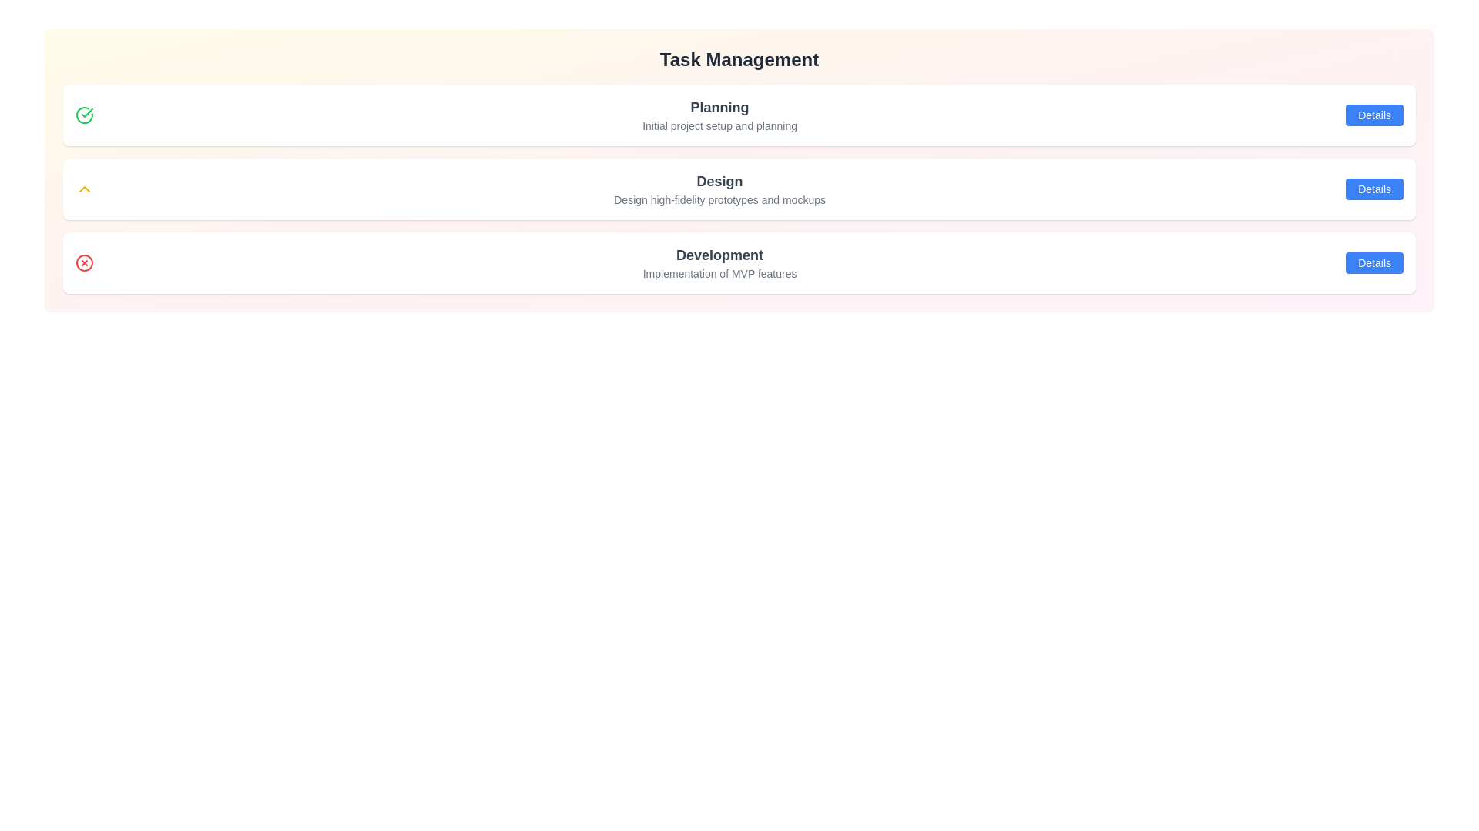  I want to click on the icon associated with the task Design to view its tooltip, so click(84, 189).